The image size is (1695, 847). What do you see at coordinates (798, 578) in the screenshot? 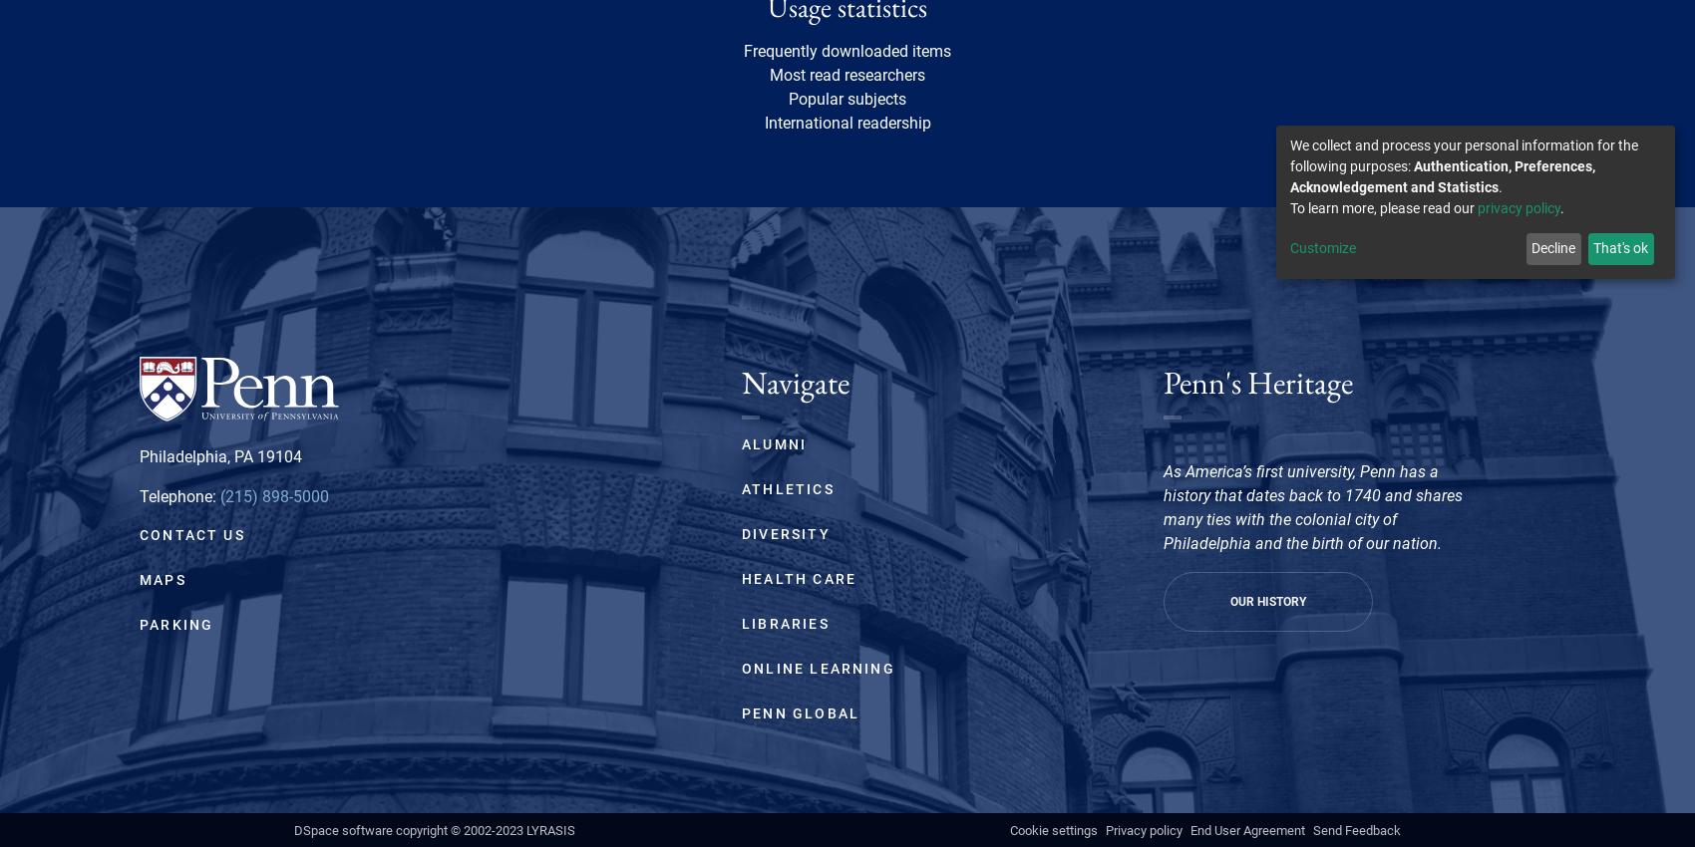
I see `'Health Care'` at bounding box center [798, 578].